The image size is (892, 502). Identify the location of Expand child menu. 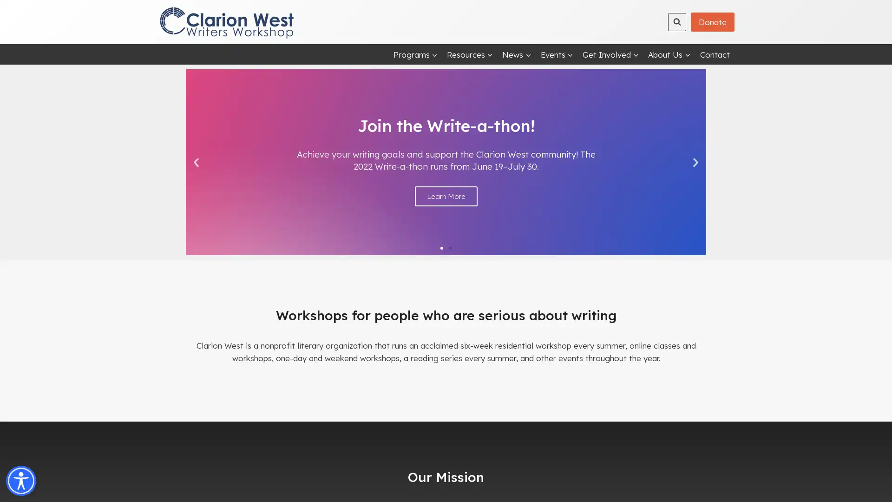
(669, 54).